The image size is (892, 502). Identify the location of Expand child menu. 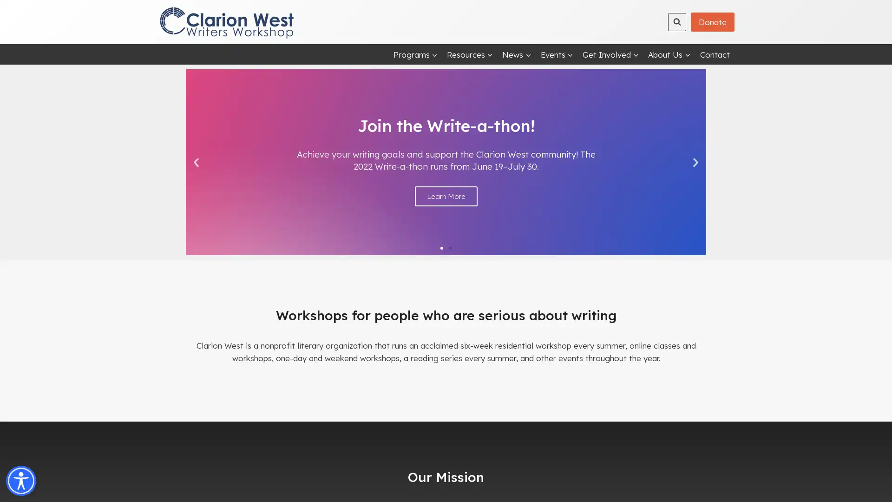
(669, 54).